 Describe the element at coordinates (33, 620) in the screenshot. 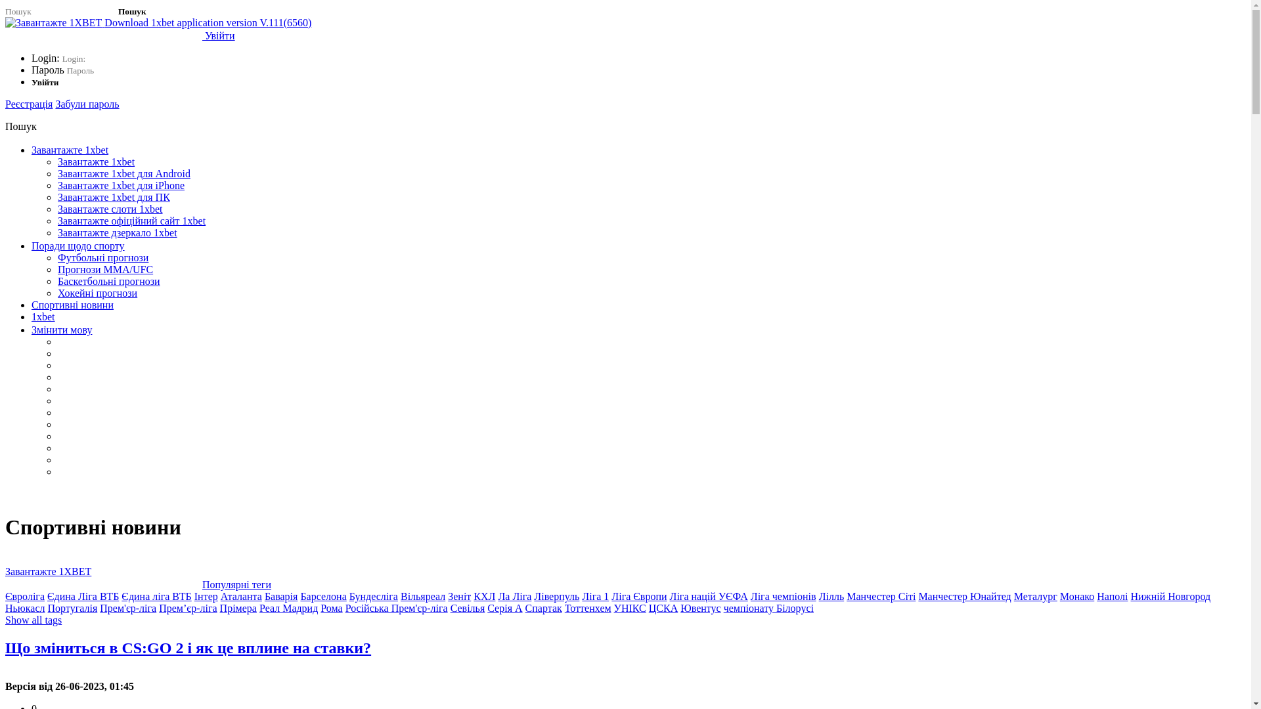

I see `'Show all tags'` at that location.